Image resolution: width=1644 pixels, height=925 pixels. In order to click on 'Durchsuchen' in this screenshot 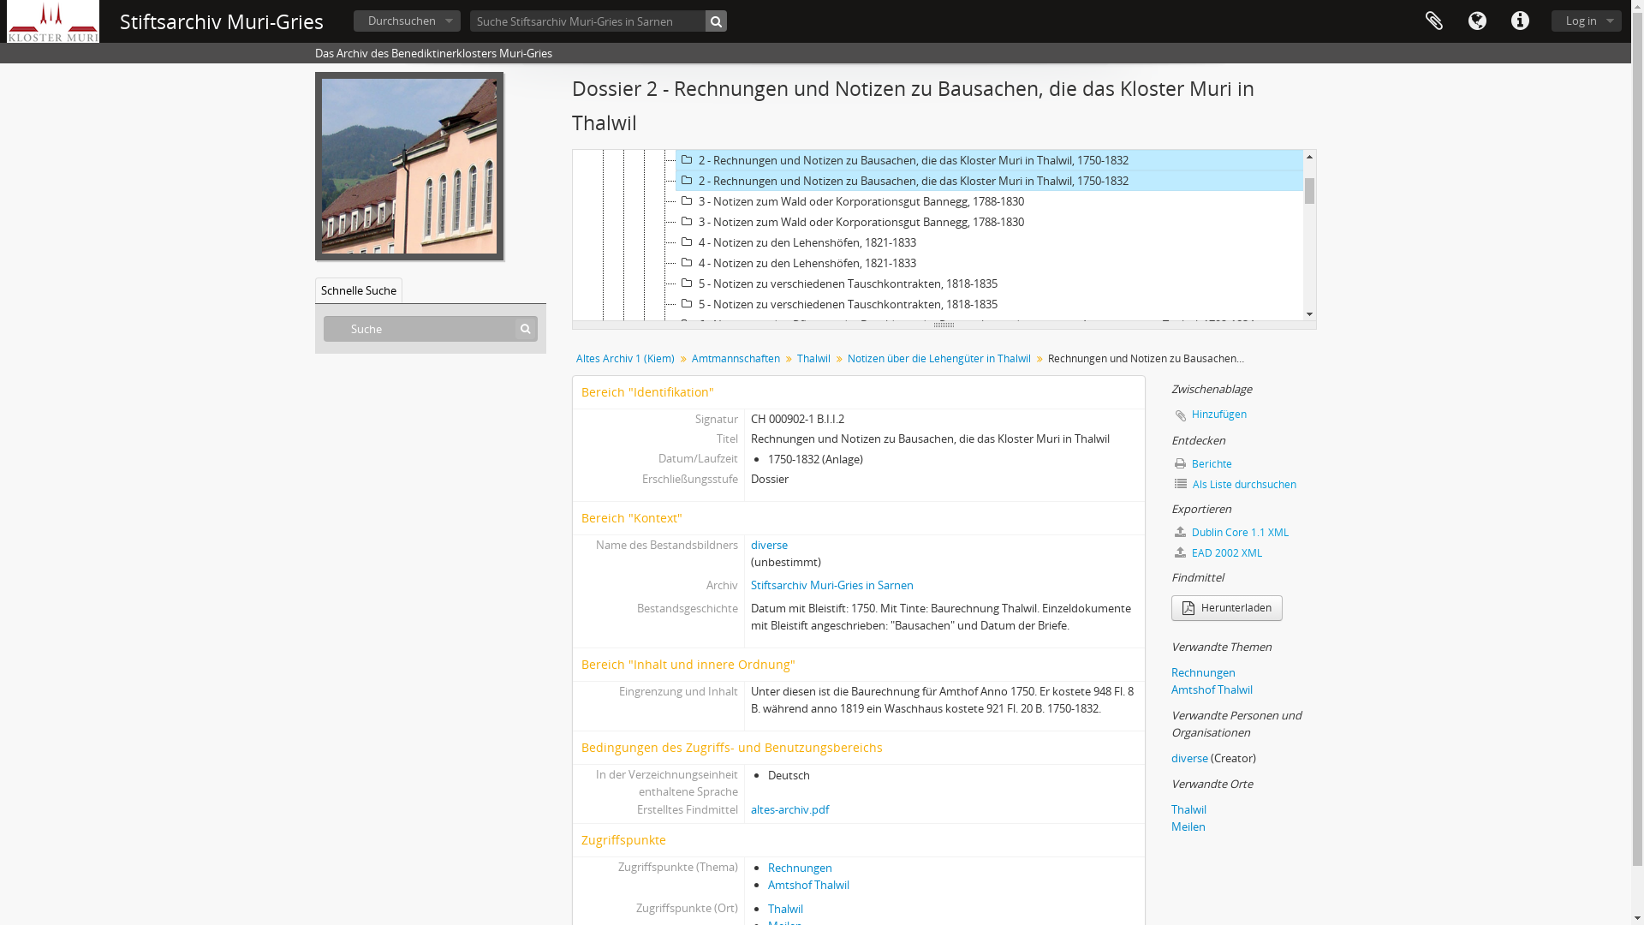, I will do `click(406, 21)`.